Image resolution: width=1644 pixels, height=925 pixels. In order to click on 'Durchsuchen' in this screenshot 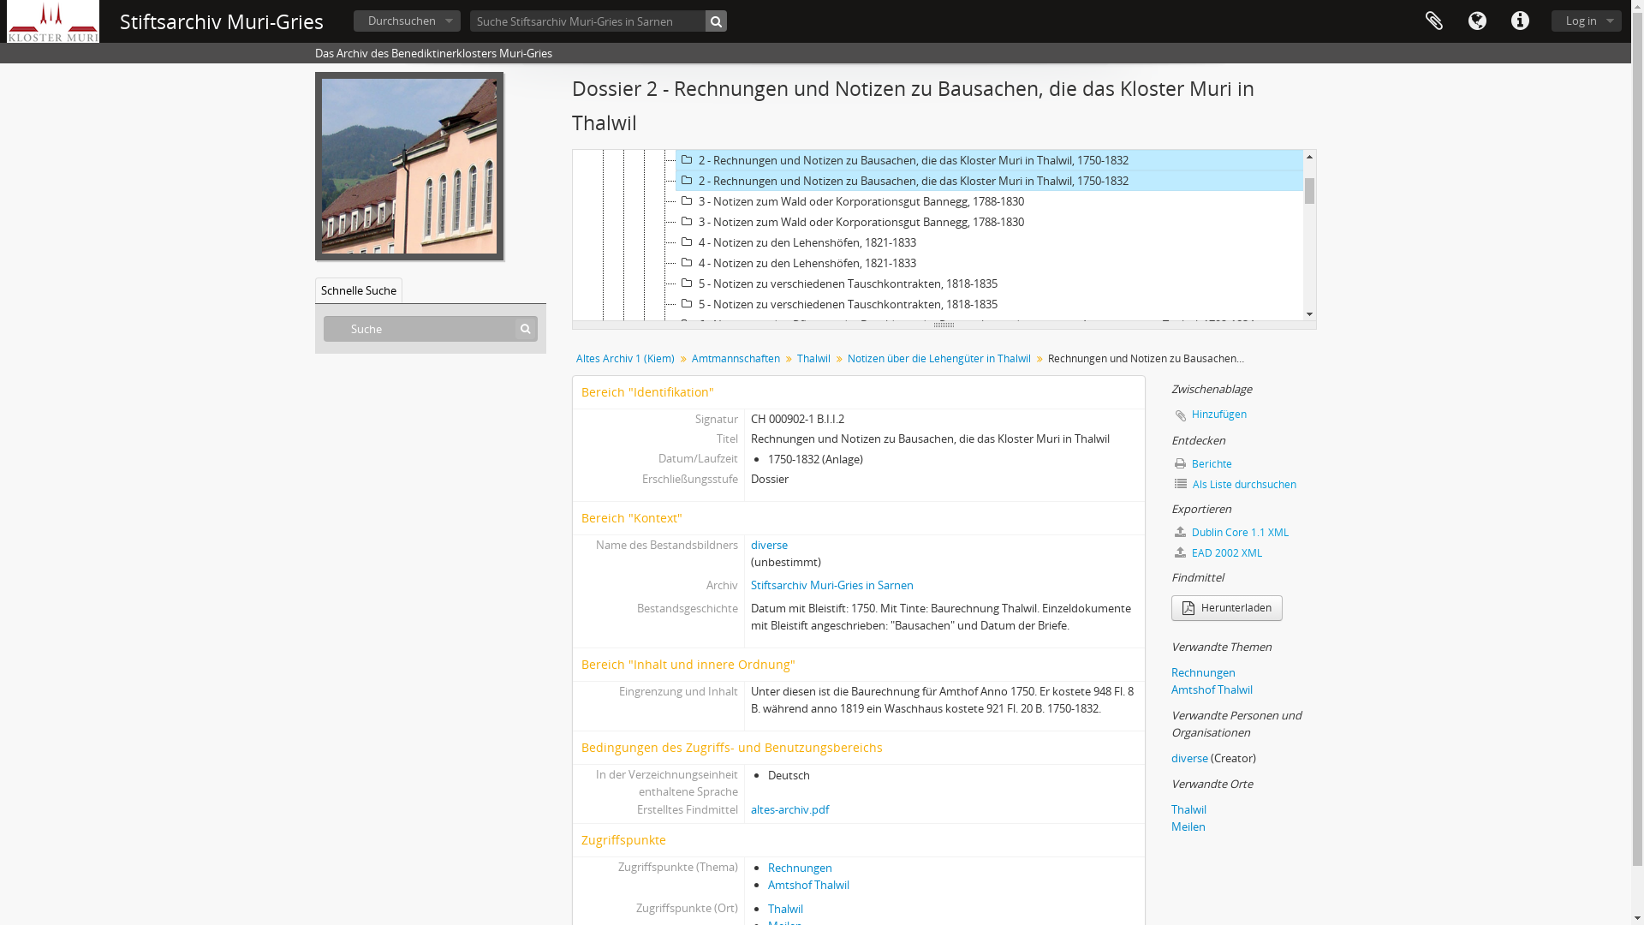, I will do `click(406, 21)`.